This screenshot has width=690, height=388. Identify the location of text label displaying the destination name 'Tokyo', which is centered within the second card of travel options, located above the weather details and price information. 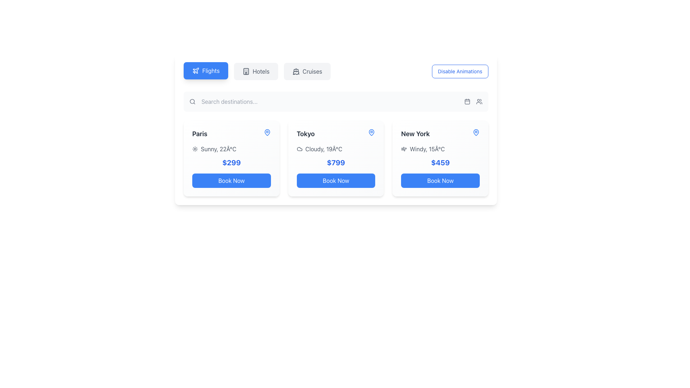
(305, 134).